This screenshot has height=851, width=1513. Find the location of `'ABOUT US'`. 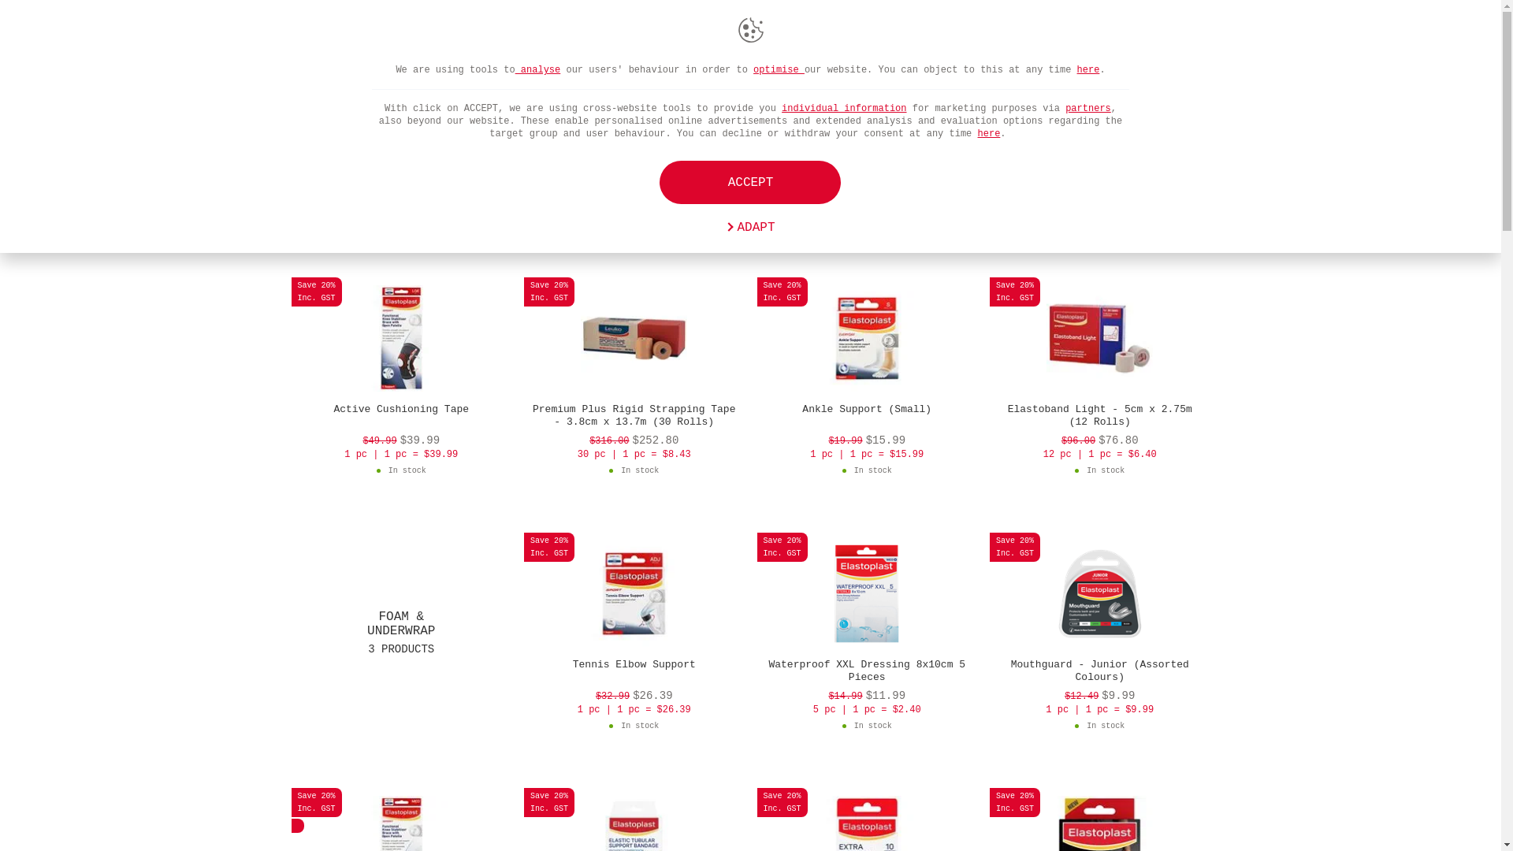

'ABOUT US' is located at coordinates (756, 33).